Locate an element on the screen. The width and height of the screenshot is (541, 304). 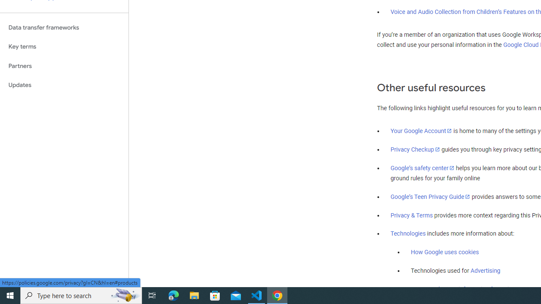
'Technologies' is located at coordinates (408, 234).